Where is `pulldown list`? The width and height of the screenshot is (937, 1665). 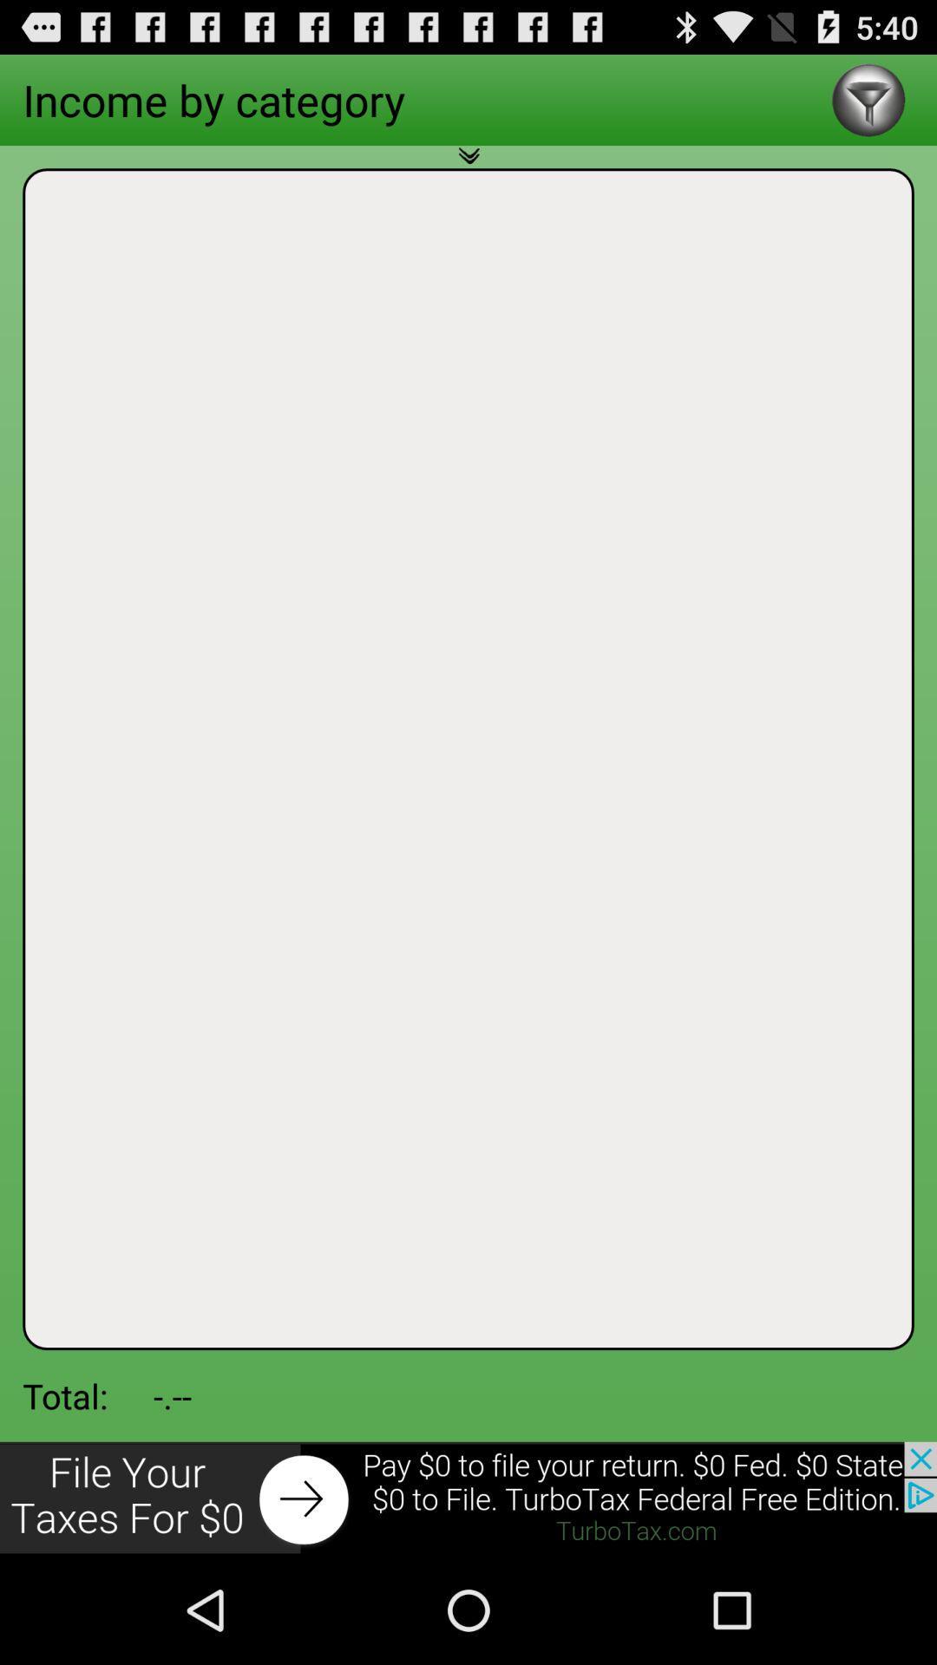
pulldown list is located at coordinates (468, 166).